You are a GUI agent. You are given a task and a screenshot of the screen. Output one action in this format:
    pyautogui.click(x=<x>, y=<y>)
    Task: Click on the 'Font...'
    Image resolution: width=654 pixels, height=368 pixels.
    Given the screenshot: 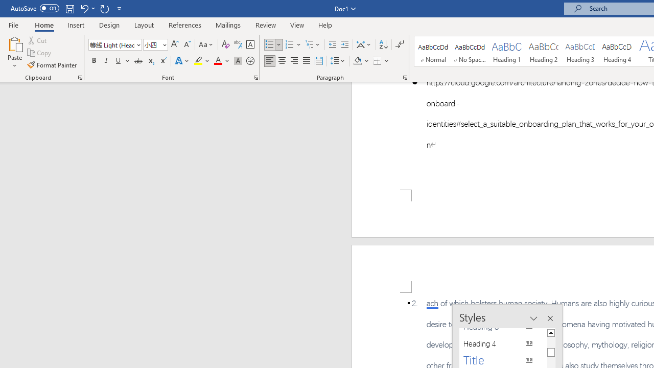 What is the action you would take?
    pyautogui.click(x=256, y=77)
    